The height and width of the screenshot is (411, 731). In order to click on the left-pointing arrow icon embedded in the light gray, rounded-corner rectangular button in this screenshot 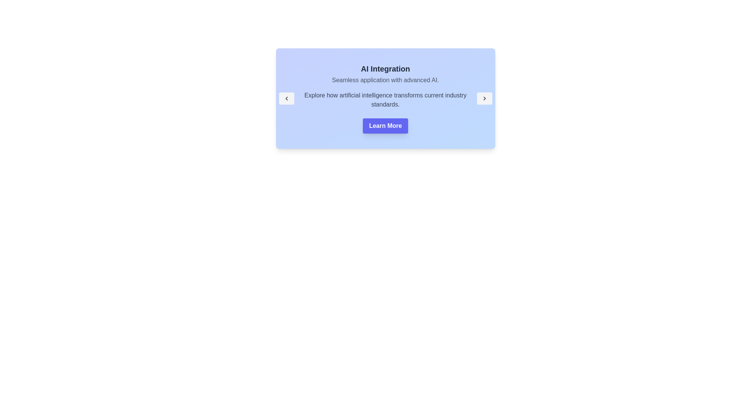, I will do `click(286, 98)`.